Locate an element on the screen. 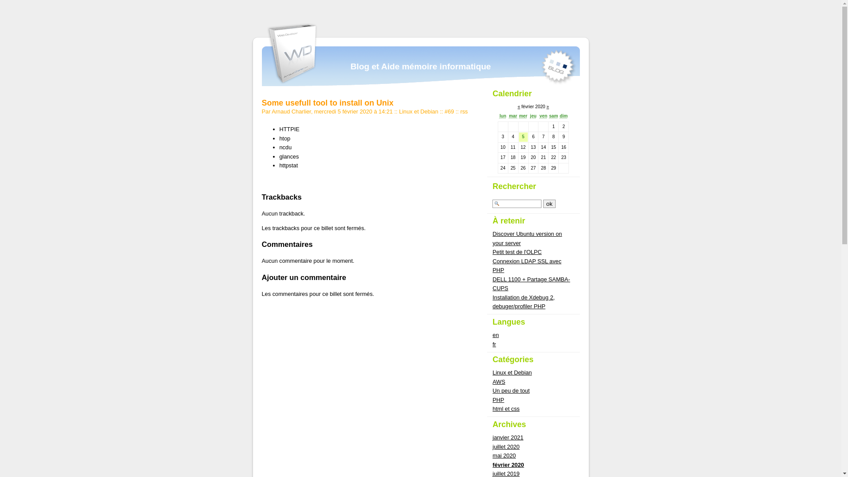 Image resolution: width=848 pixels, height=477 pixels. 'juillet 2020' is located at coordinates (506, 447).